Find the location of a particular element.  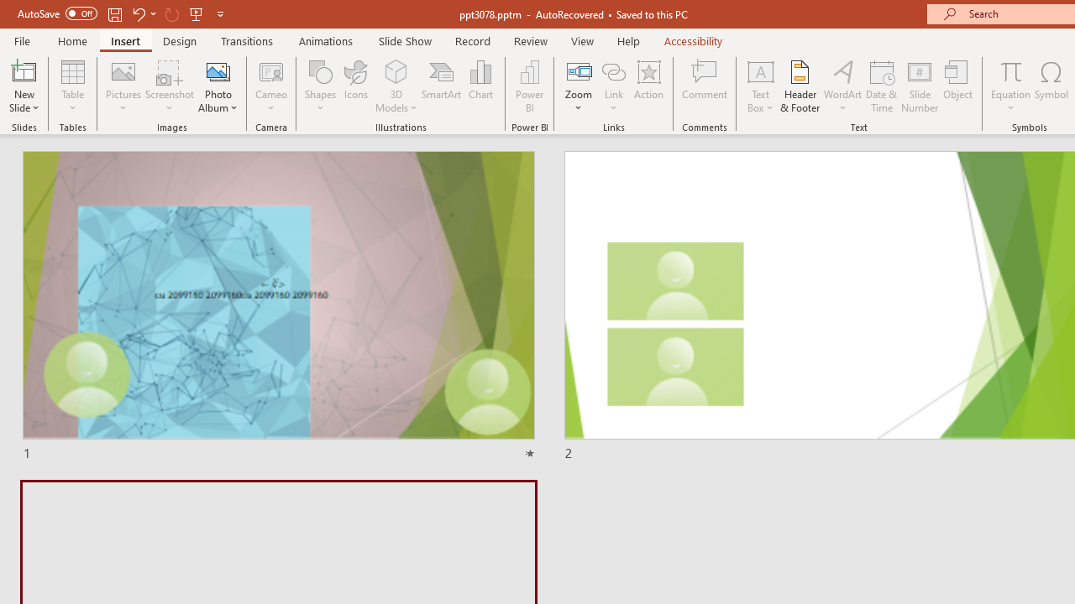

'Link' is located at coordinates (613, 86).